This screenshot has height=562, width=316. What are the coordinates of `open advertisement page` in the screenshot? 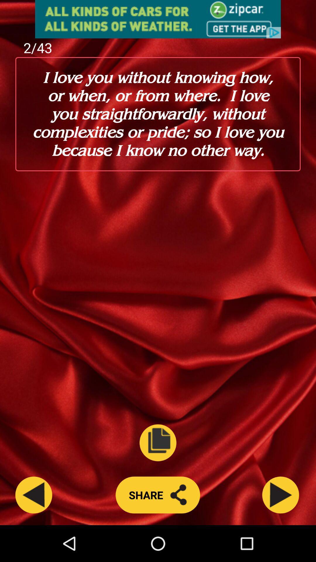 It's located at (158, 19).